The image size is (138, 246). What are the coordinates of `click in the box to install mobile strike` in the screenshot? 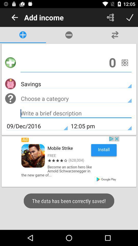 It's located at (69, 161).